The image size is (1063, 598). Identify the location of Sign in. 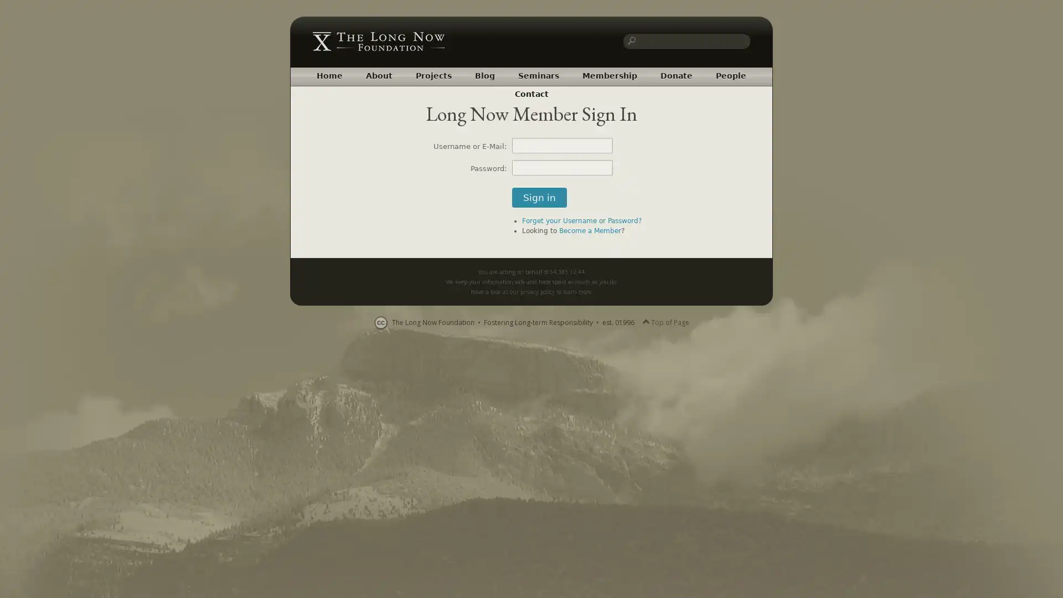
(539, 197).